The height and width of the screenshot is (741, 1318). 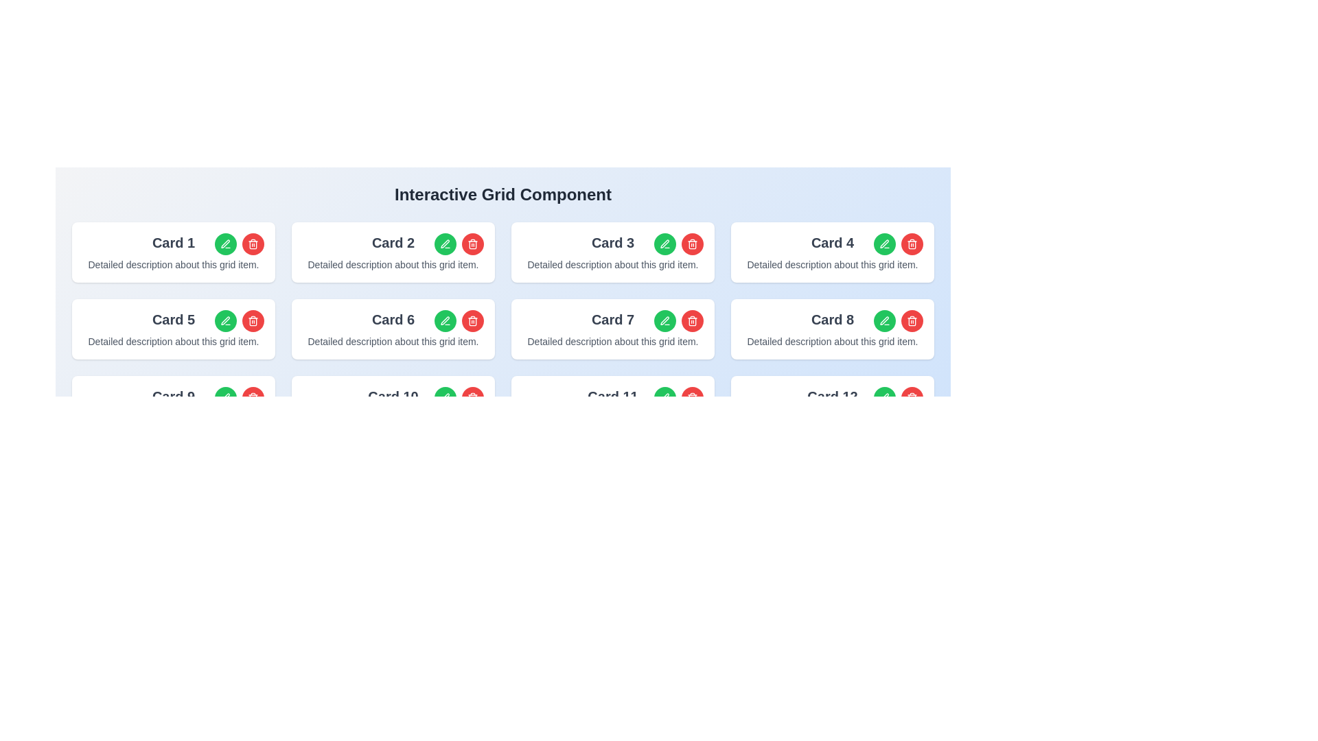 I want to click on the green pen icon in the top-right corner of the 'Card 3', so click(x=678, y=243).